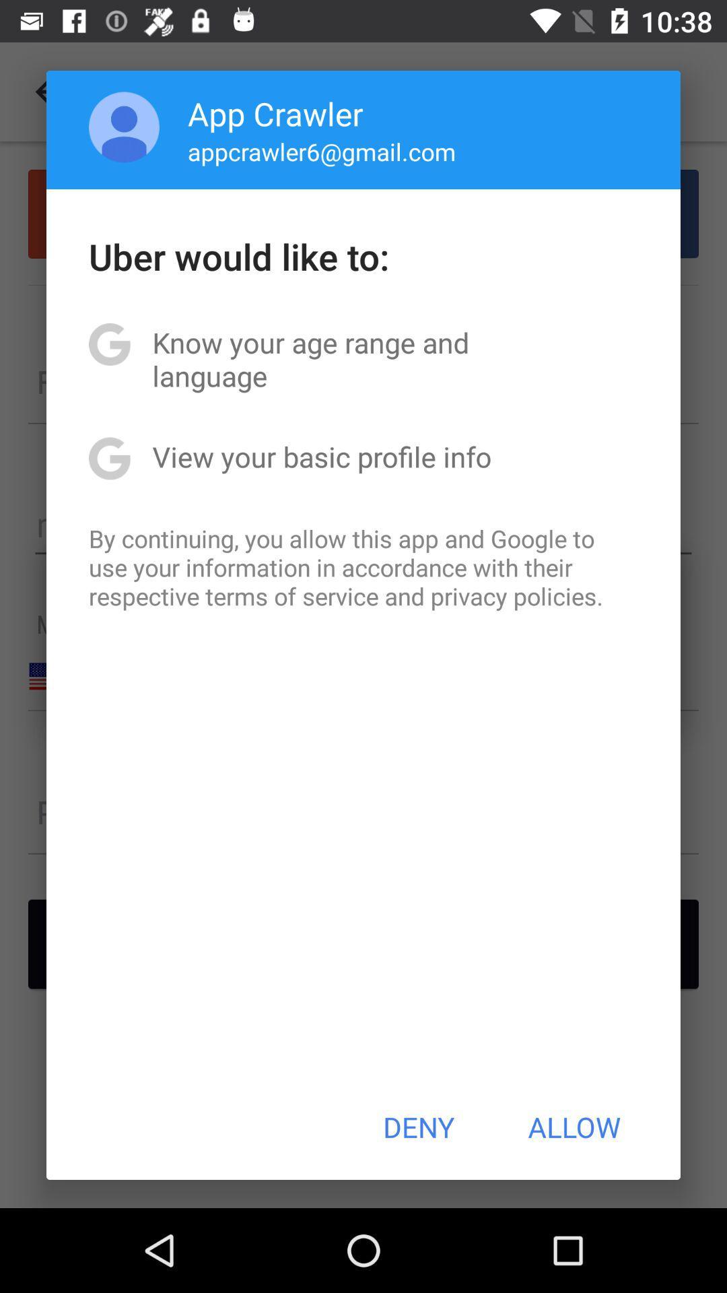 The image size is (727, 1293). I want to click on icon next to allow button, so click(418, 1127).